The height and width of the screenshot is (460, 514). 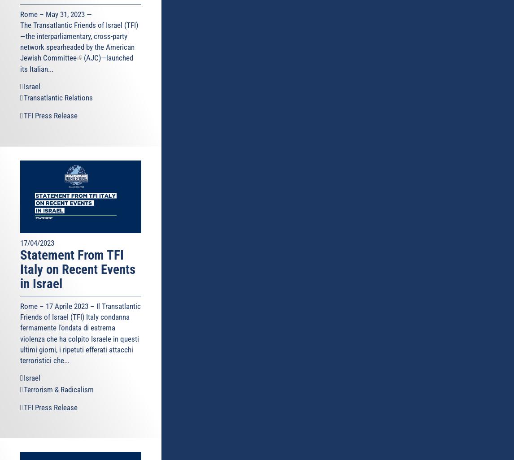 What do you see at coordinates (79, 35) in the screenshot?
I see `'(TFI)—the interparliamentary, cross-party network spearheaded by the'` at bounding box center [79, 35].